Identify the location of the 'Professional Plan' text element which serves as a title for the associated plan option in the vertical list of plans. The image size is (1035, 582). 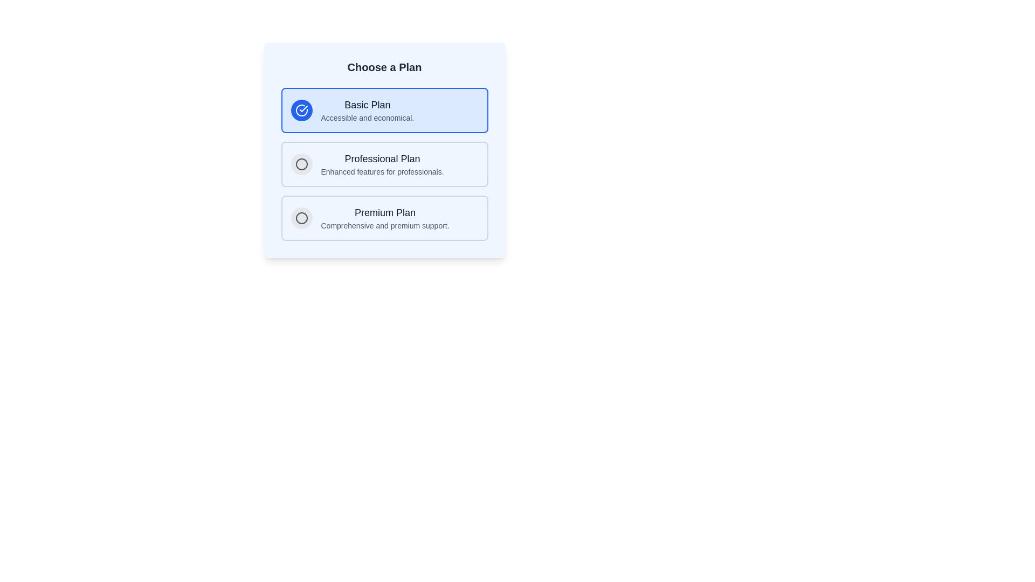
(382, 158).